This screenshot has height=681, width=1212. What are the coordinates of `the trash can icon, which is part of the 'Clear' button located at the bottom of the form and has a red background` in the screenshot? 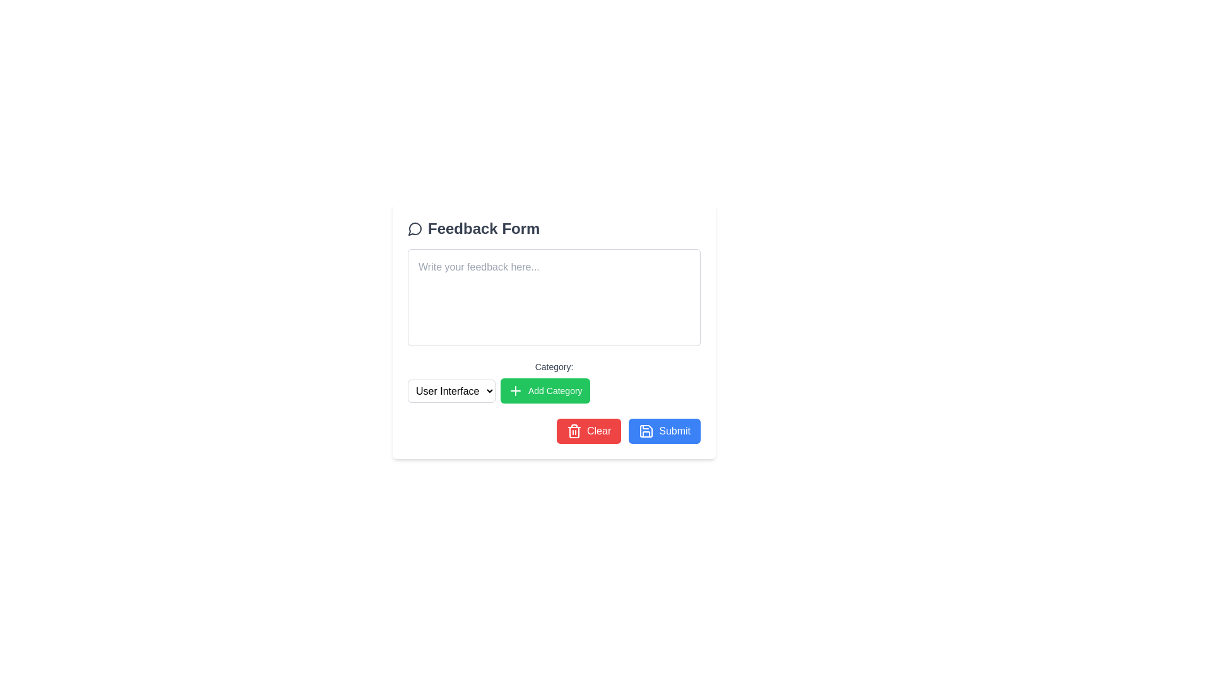 It's located at (573, 430).